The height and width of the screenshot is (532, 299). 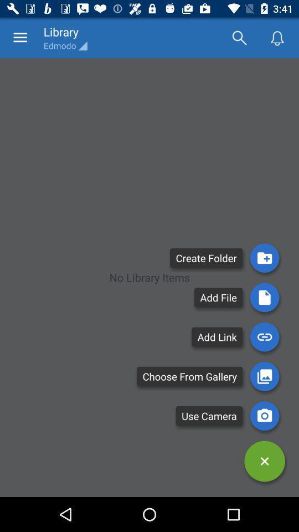 What do you see at coordinates (264, 258) in the screenshot?
I see `new folder` at bounding box center [264, 258].